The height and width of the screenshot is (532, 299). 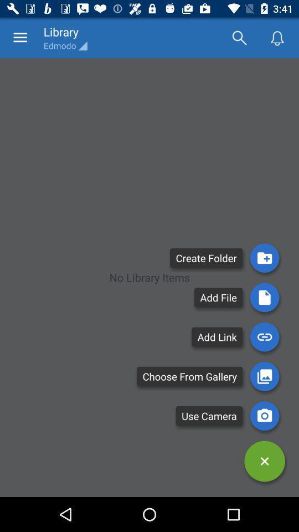 What do you see at coordinates (264, 258) in the screenshot?
I see `new folder` at bounding box center [264, 258].